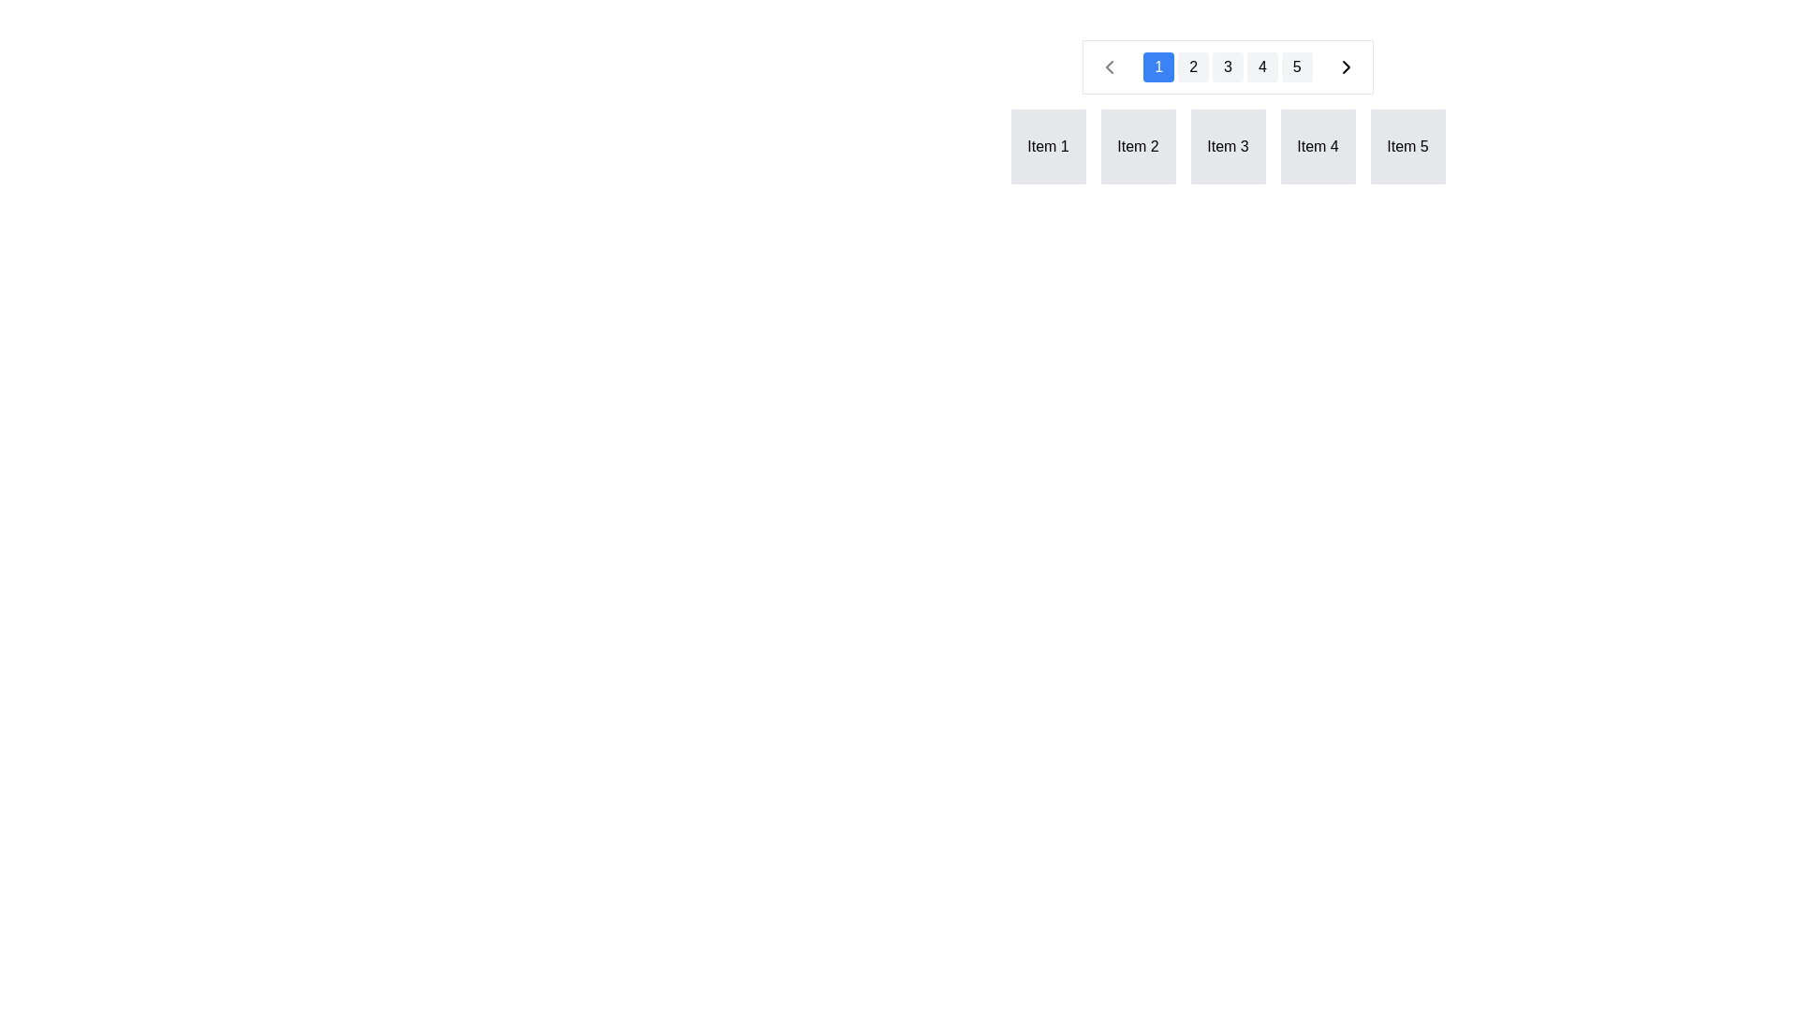  What do you see at coordinates (1407, 146) in the screenshot?
I see `the square button labeled 'Item 5' with a gray background, located in the upper-right section of the interface, positioned to the right of 'Item 4'` at bounding box center [1407, 146].